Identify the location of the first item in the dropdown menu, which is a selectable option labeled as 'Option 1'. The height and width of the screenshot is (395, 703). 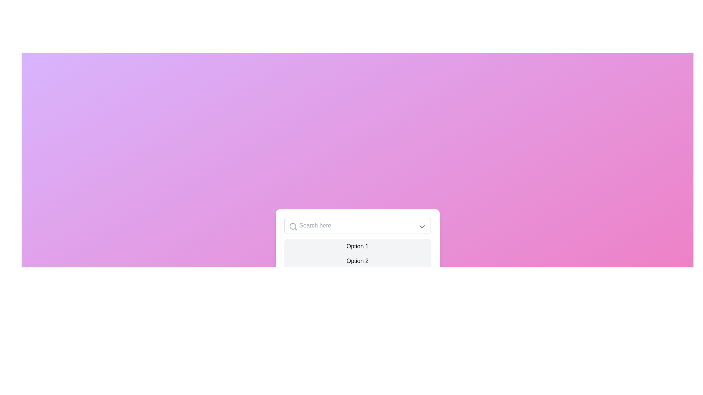
(357, 247).